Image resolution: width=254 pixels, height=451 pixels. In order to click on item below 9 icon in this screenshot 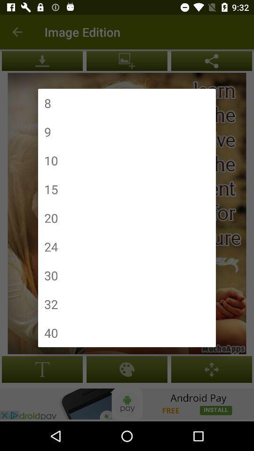, I will do `click(51, 160)`.